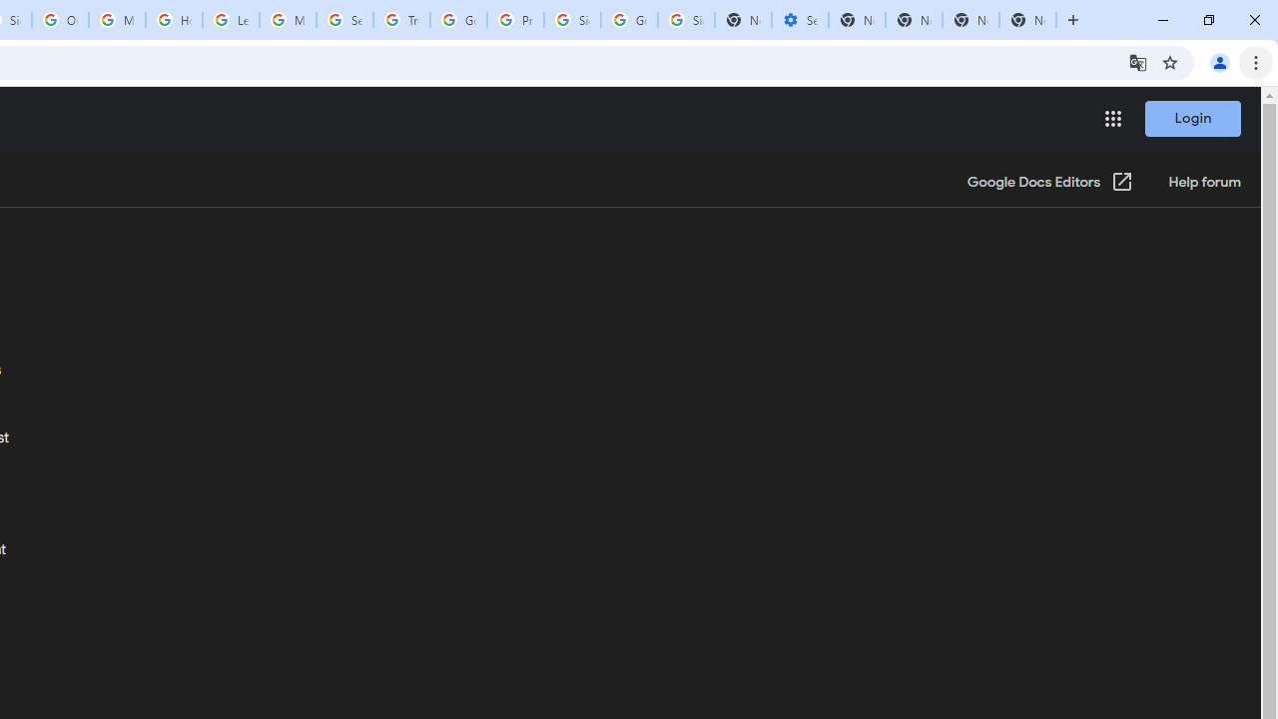 The height and width of the screenshot is (719, 1278). Describe the element at coordinates (400, 20) in the screenshot. I see `'Trusted Information and Content - Google Safety Center'` at that location.